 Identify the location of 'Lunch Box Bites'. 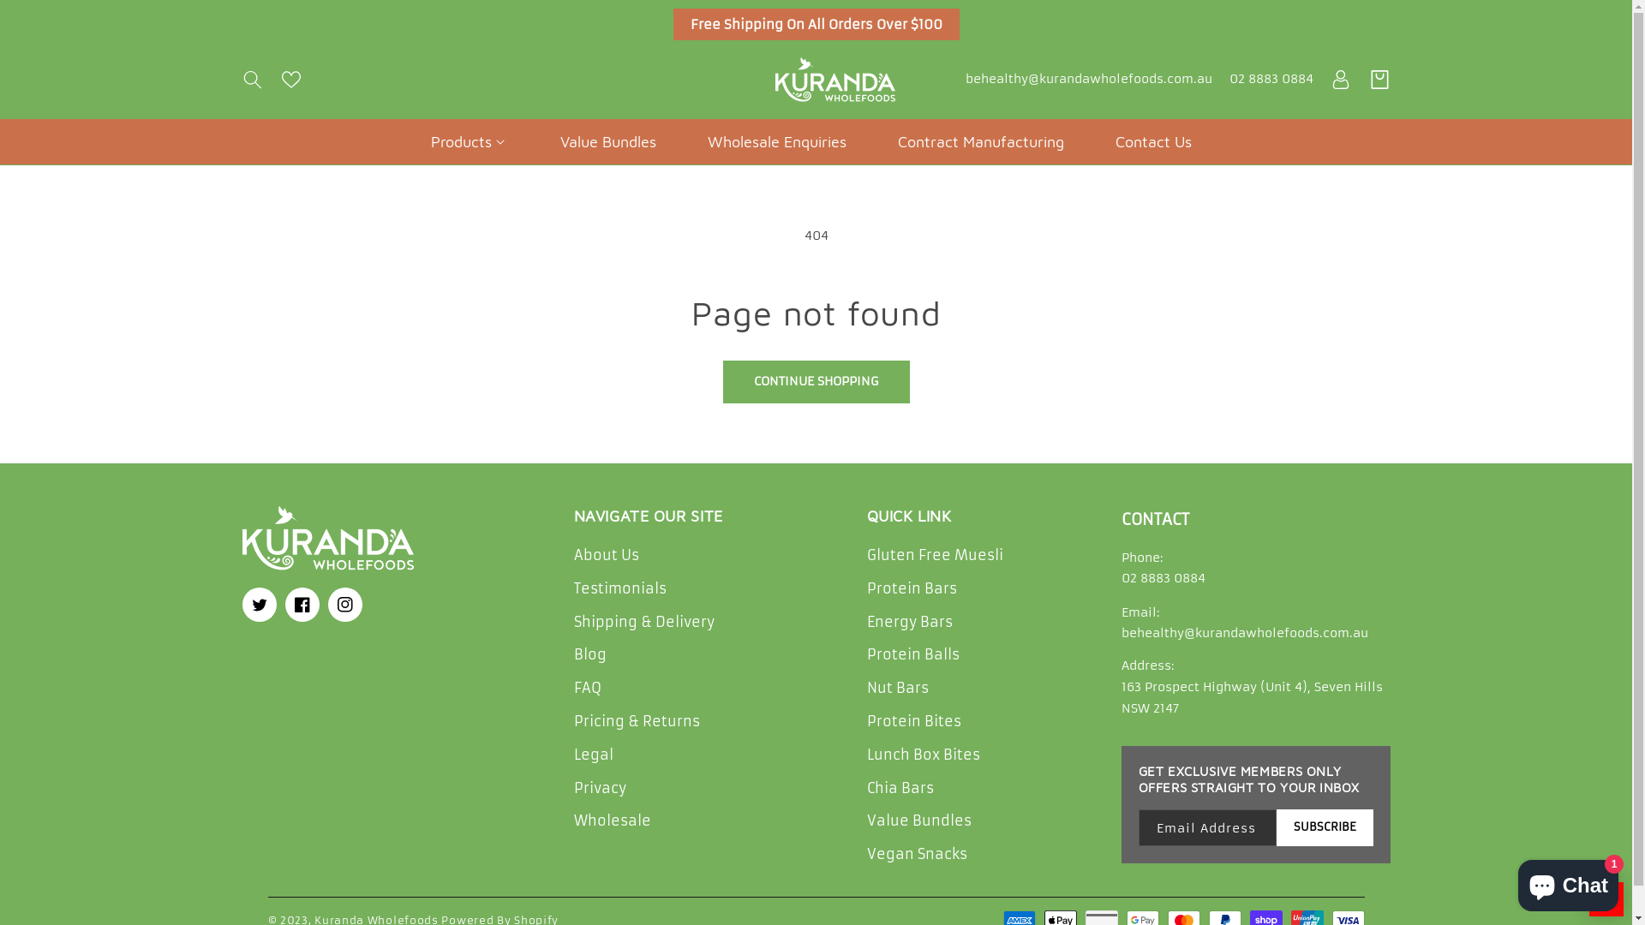
(867, 754).